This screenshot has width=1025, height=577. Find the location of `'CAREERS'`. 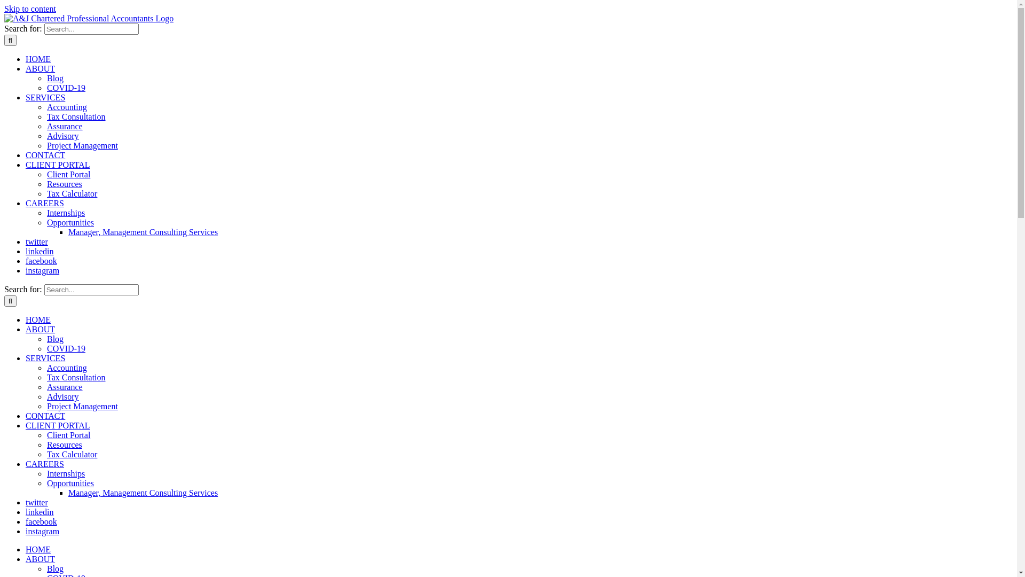

'CAREERS' is located at coordinates (44, 463).